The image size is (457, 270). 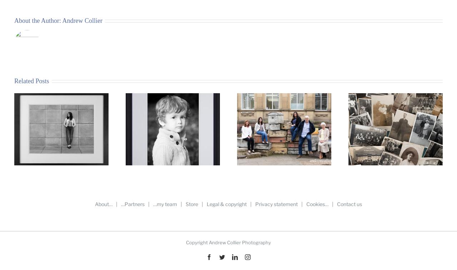 What do you see at coordinates (228, 242) in the screenshot?
I see `'Copyright Andrew Collier Photography'` at bounding box center [228, 242].